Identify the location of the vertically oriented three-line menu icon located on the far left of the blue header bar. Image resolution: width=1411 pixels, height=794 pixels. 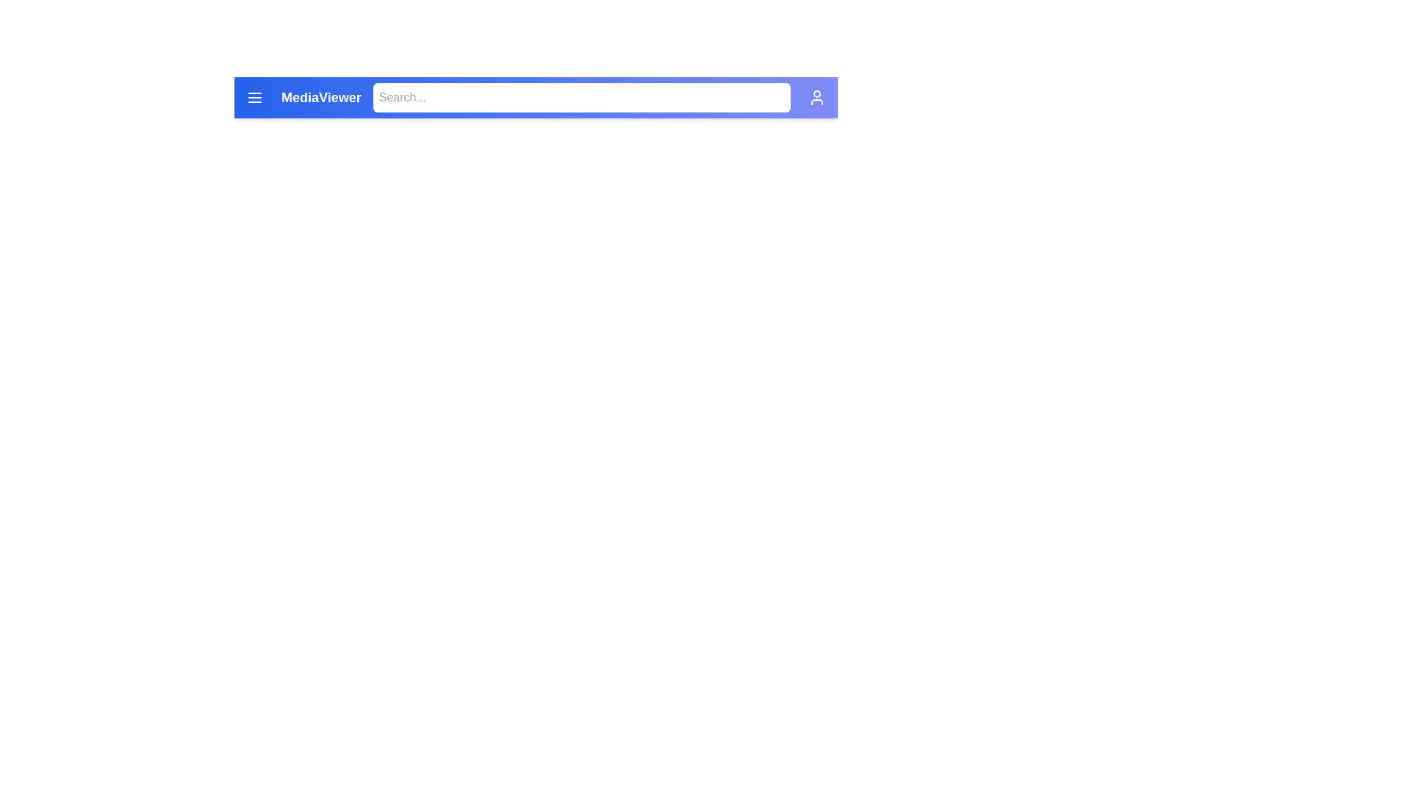
(254, 97).